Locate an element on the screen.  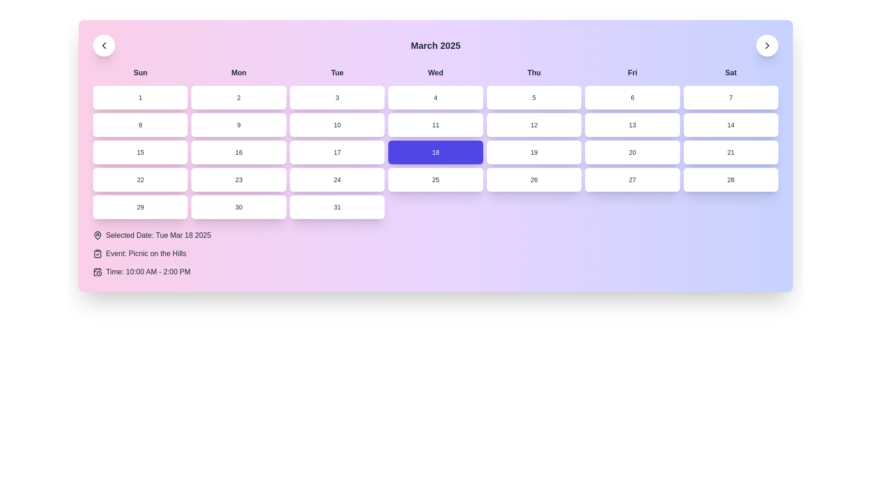
the cell styled as a white rounded rectangle containing the number '11' is located at coordinates (435, 125).